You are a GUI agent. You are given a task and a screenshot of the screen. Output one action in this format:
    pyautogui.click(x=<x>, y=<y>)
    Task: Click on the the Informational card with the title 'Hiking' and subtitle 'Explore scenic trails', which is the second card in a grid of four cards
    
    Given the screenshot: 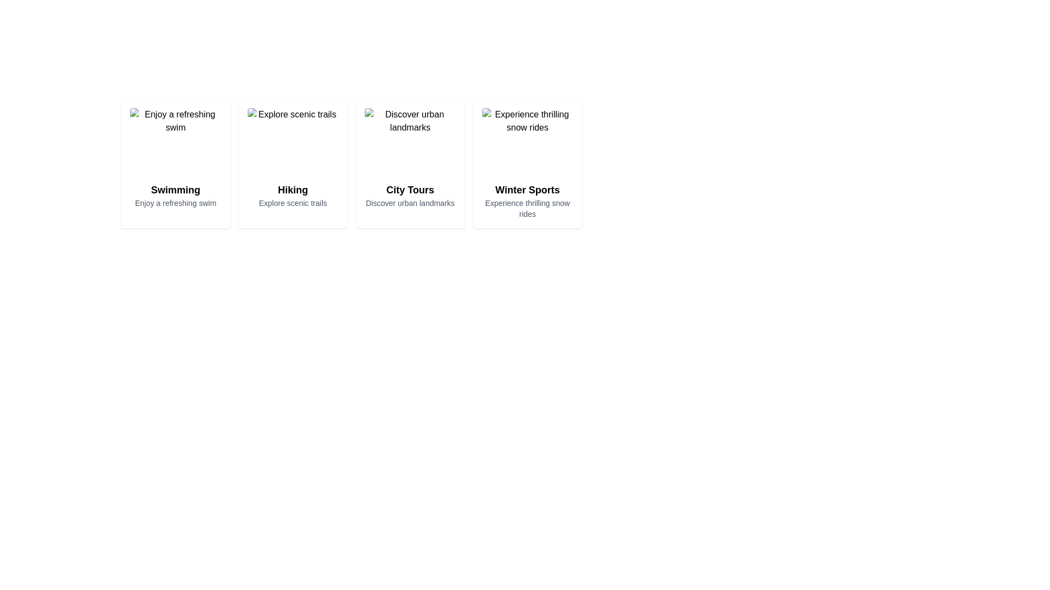 What is the action you would take?
    pyautogui.click(x=293, y=164)
    